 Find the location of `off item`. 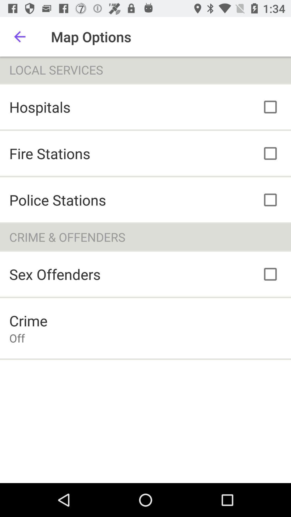

off item is located at coordinates (17, 338).